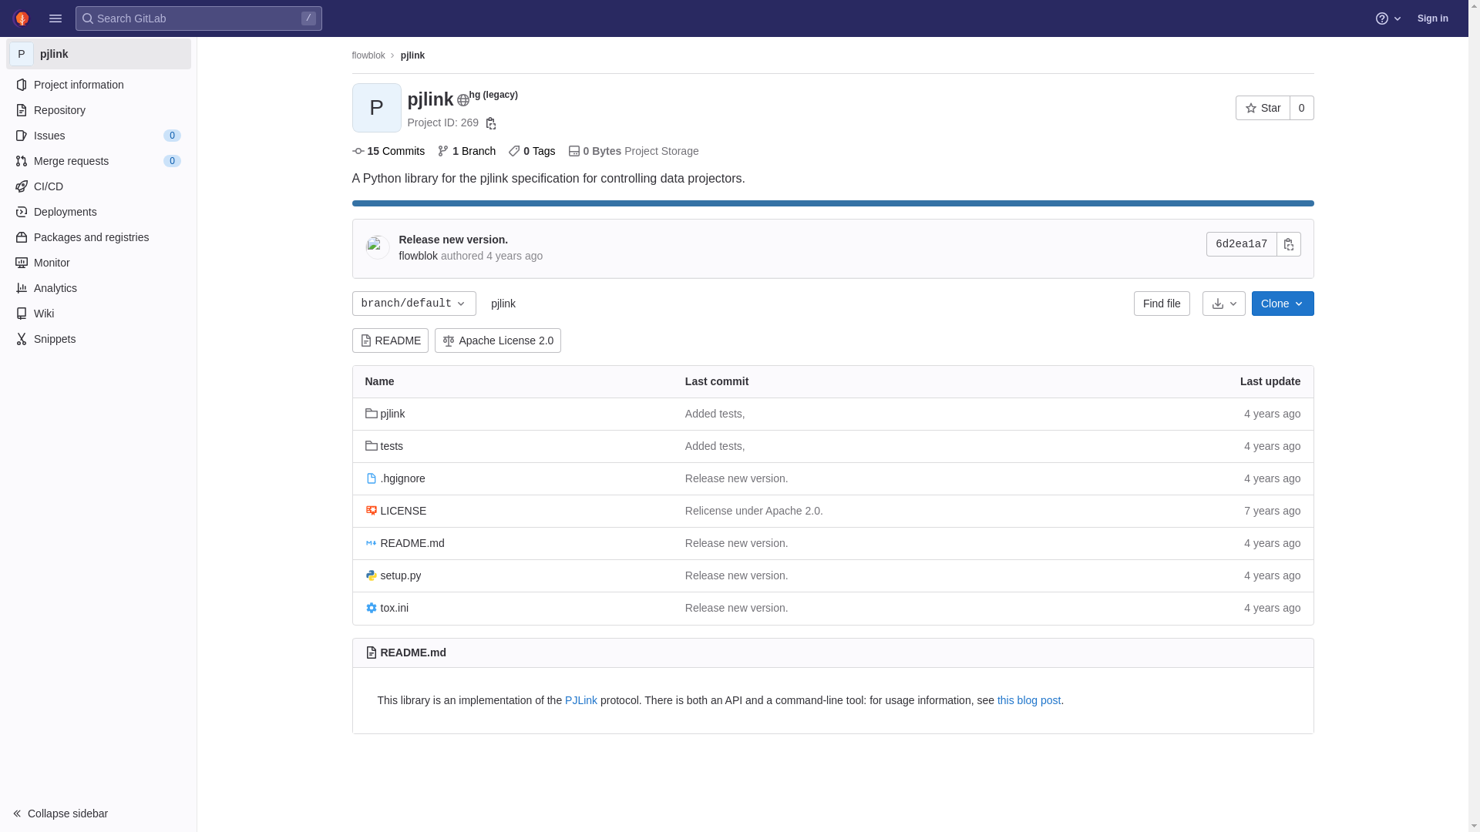 This screenshot has height=832, width=1480. What do you see at coordinates (6, 52) in the screenshot?
I see `'P` at bounding box center [6, 52].